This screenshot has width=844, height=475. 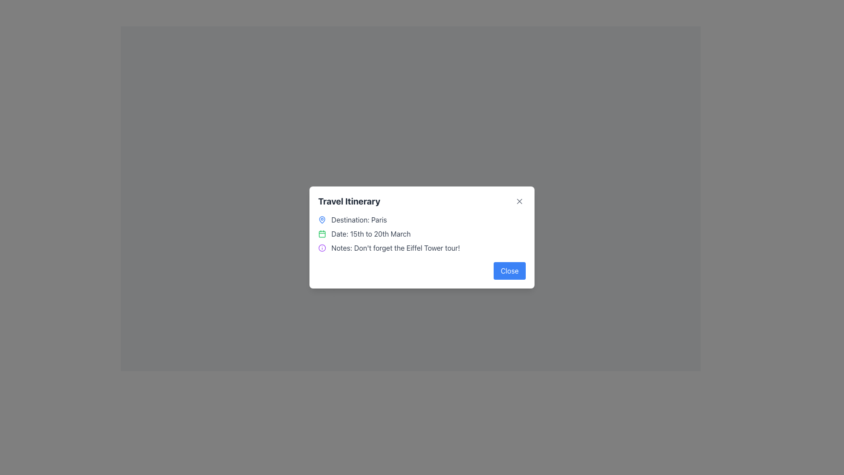 I want to click on the small gray 'X' button located at the top-right corner of the 'Travel Itinerary' dialog box, so click(x=519, y=201).